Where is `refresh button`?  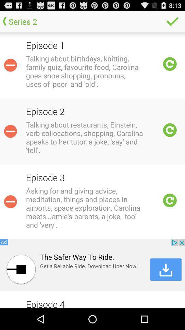
refresh button is located at coordinates (170, 130).